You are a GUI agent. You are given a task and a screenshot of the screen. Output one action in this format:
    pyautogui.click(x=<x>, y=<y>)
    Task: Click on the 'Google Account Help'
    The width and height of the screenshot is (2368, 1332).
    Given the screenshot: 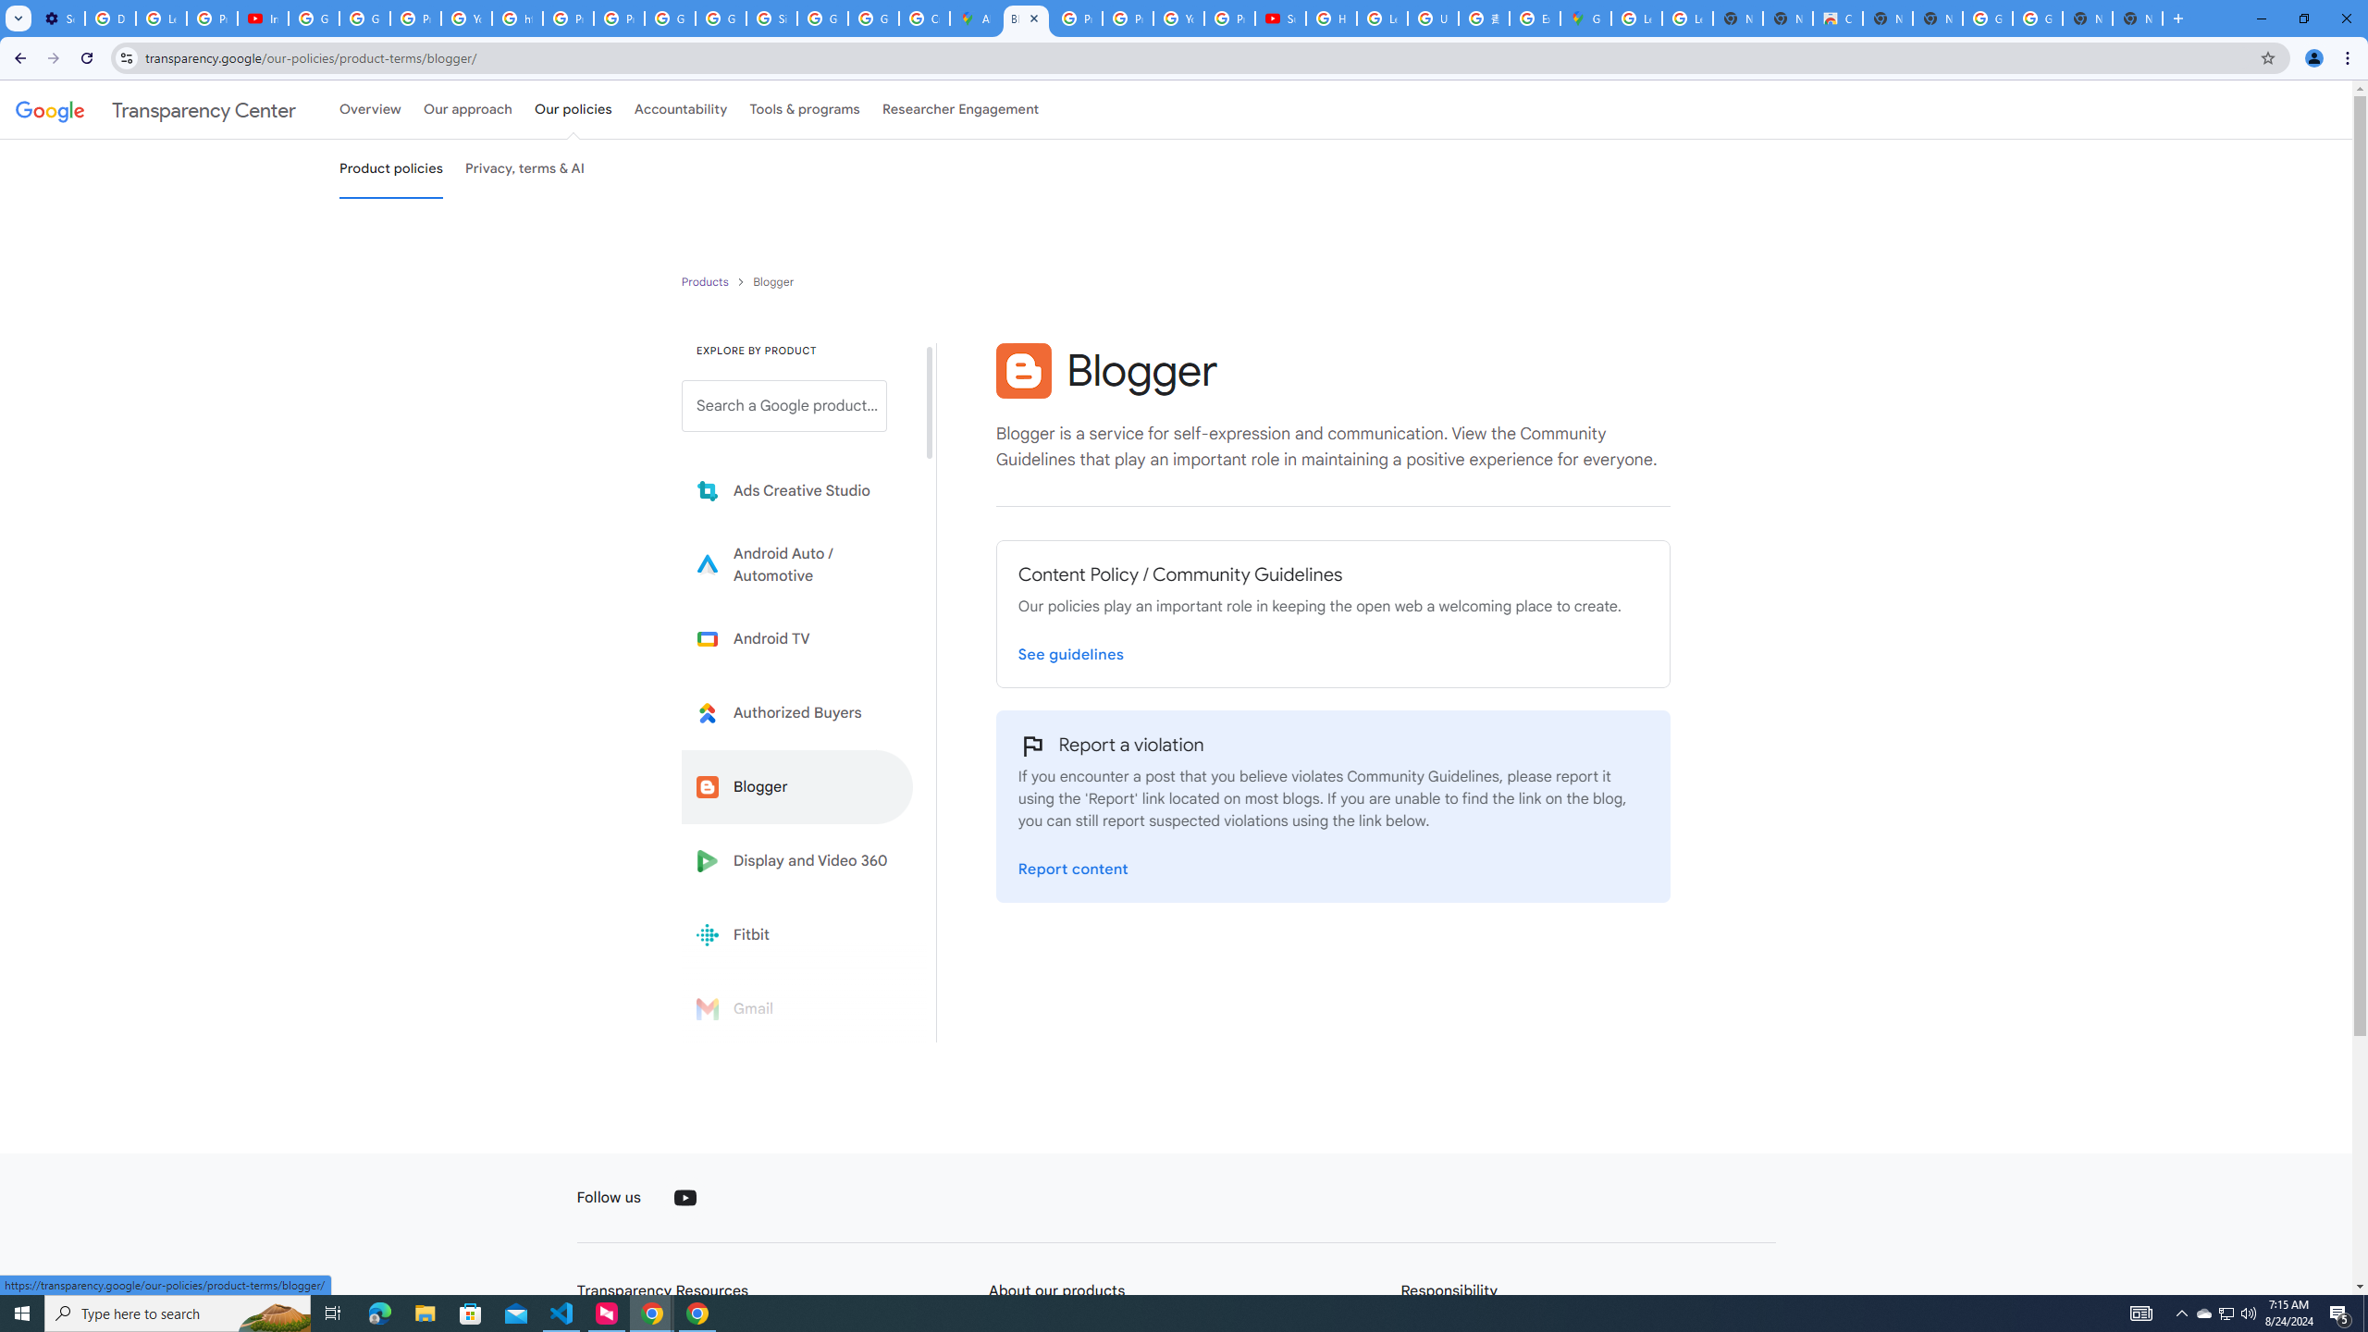 What is the action you would take?
    pyautogui.click(x=313, y=18)
    